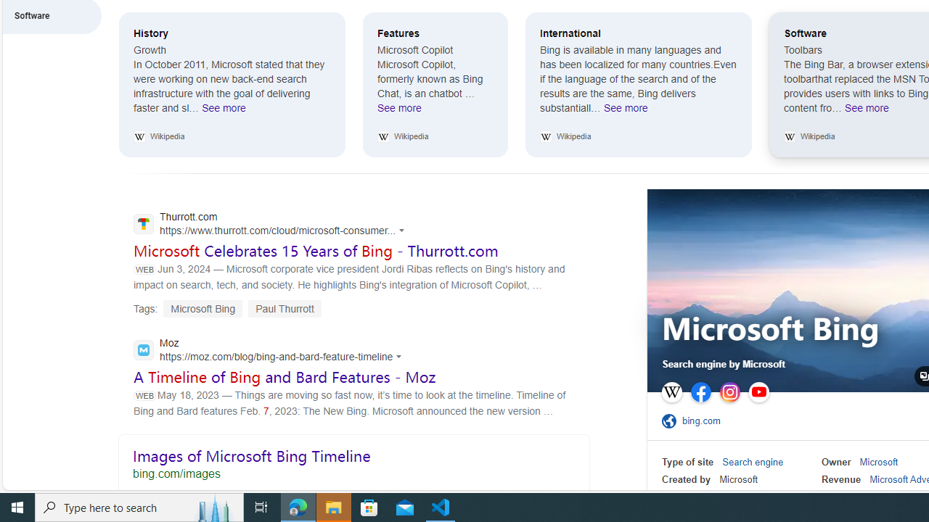  What do you see at coordinates (758, 392) in the screenshot?
I see `'YouTube'` at bounding box center [758, 392].